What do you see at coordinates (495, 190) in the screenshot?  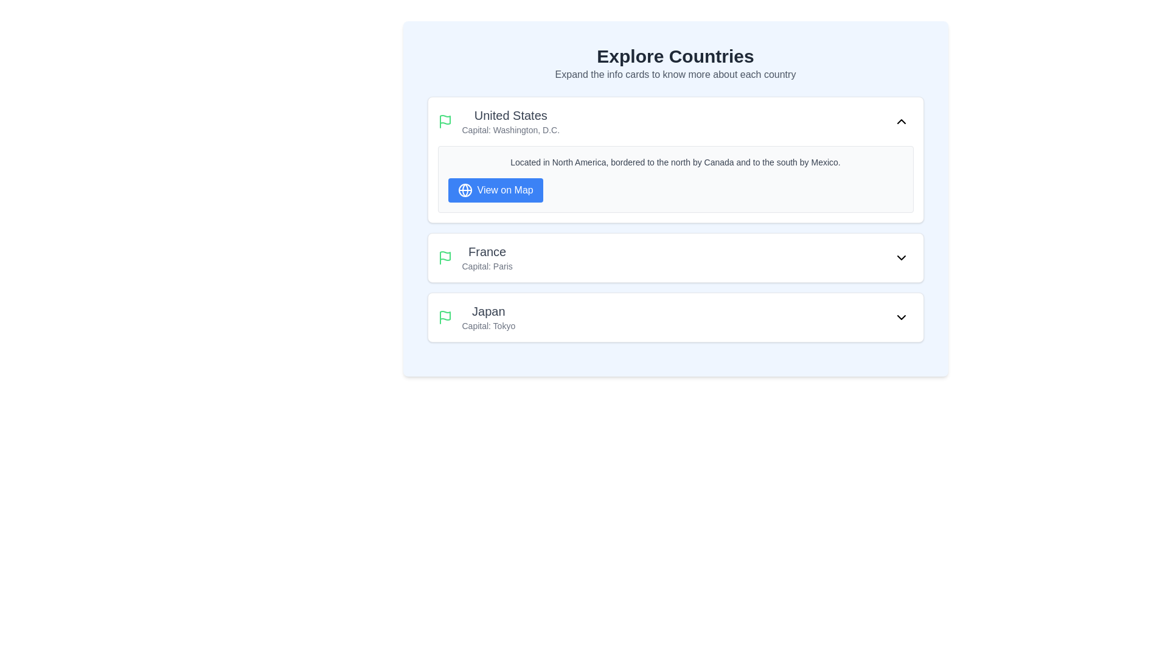 I see `the blue 'View on Map' button with a globe icon located near the bottom right corner of the United States description in the 'Explore Countries' interface` at bounding box center [495, 190].